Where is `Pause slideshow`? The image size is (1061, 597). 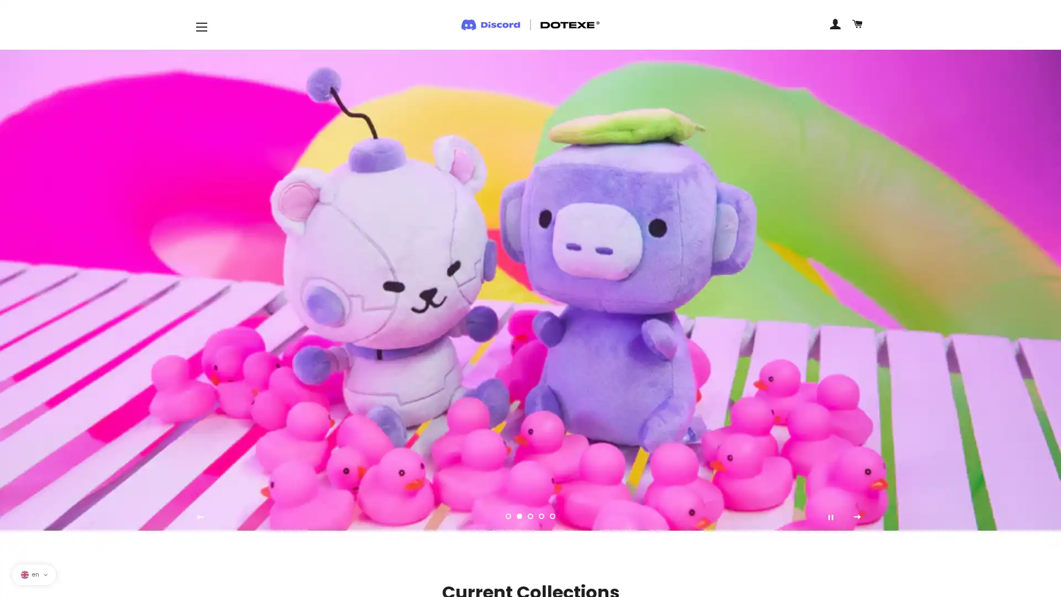
Pause slideshow is located at coordinates (830, 516).